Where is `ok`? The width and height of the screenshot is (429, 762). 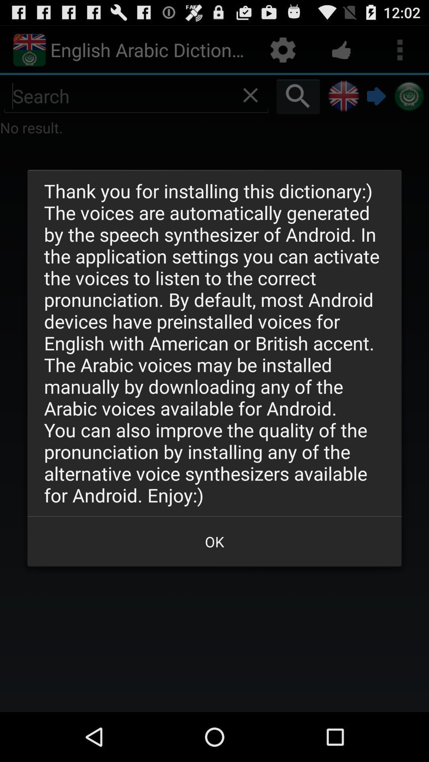
ok is located at coordinates (214, 541).